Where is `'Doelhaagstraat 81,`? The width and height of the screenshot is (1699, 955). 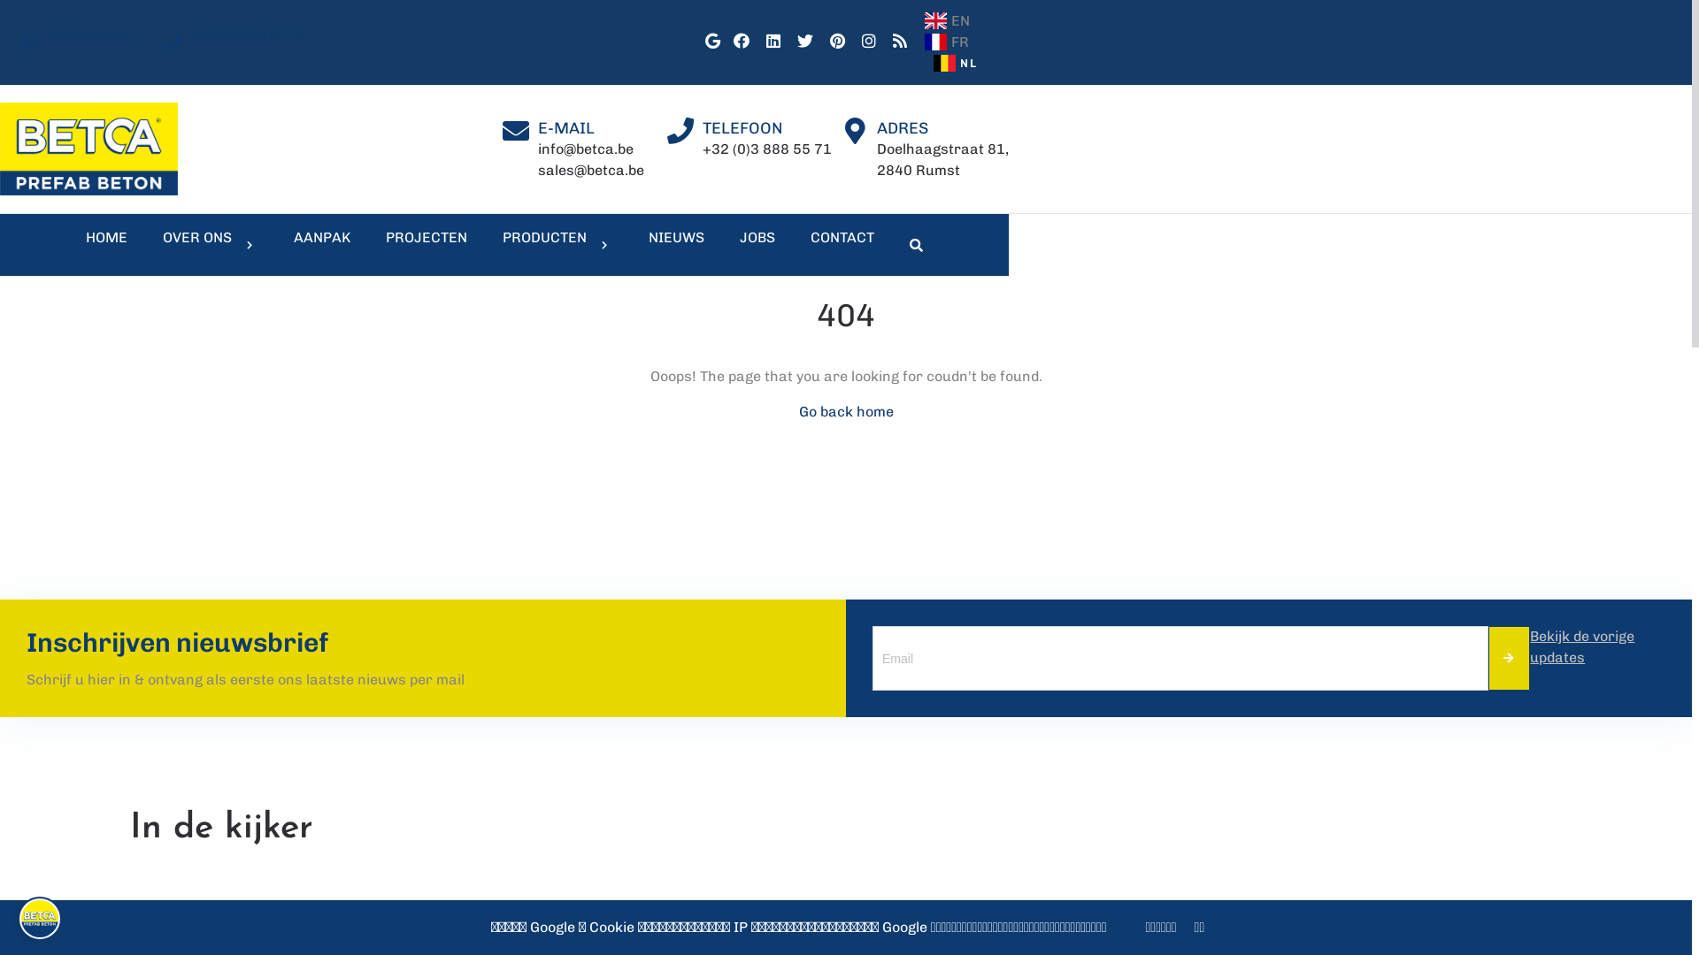
'Doelhaagstraat 81, is located at coordinates (876, 159).